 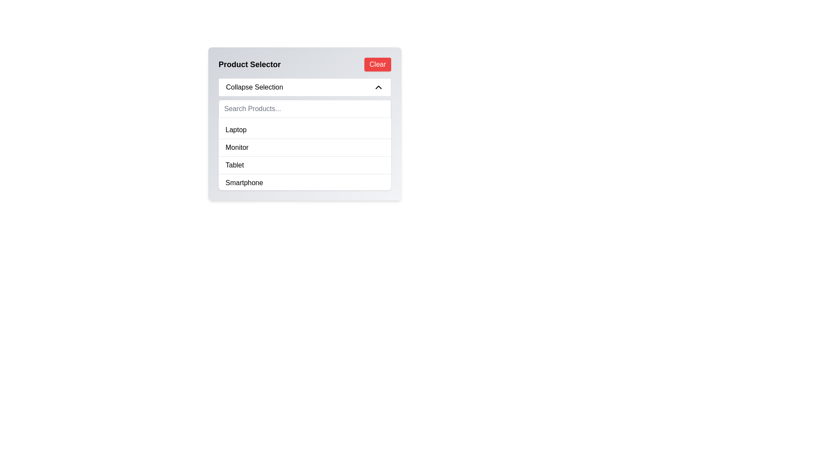 What do you see at coordinates (377, 64) in the screenshot?
I see `the 'Clear' button with a red background and white text located at the top-right corner of the 'Product Selector' section to clear selections` at bounding box center [377, 64].